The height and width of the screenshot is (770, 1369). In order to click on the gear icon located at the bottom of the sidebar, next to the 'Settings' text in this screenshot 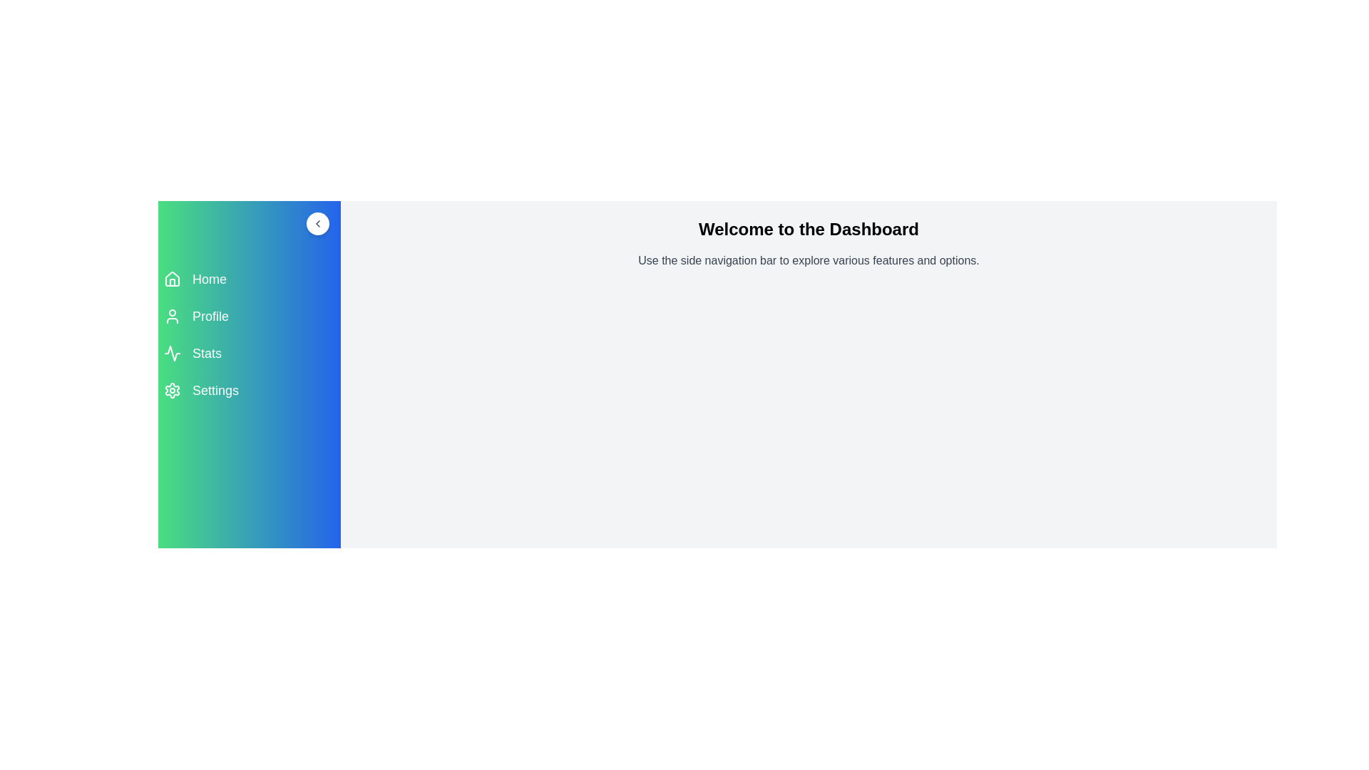, I will do `click(171, 390)`.